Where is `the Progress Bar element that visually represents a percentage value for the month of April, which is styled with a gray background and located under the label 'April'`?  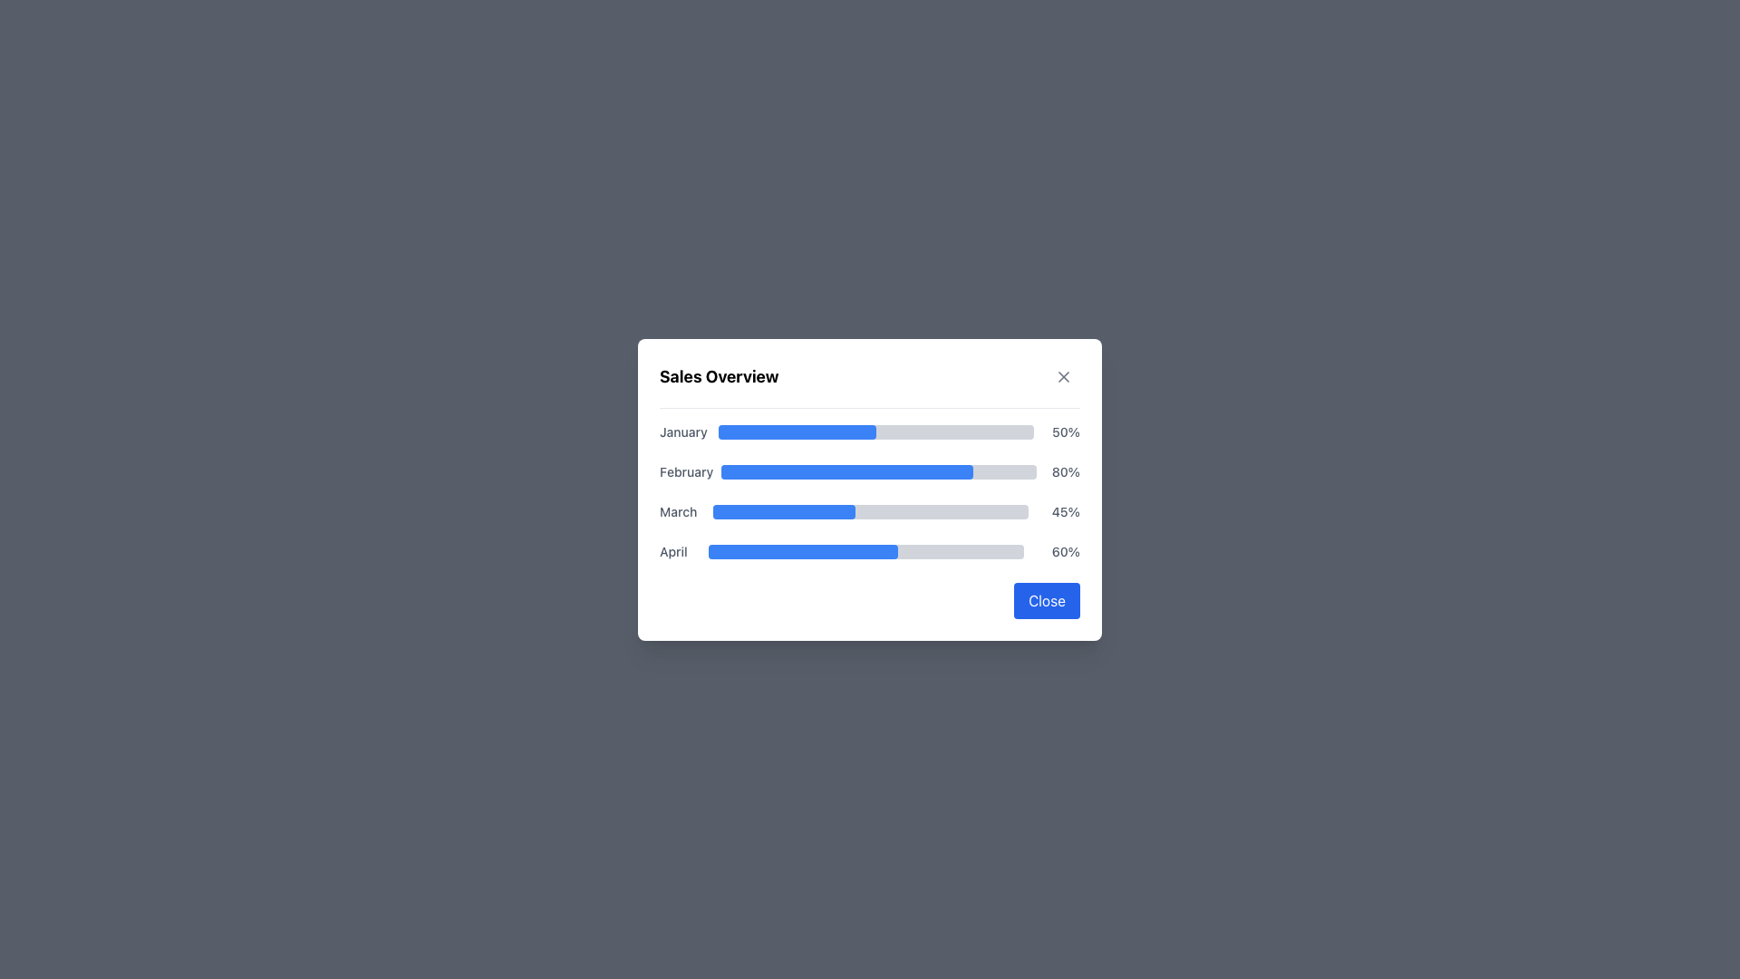 the Progress Bar element that visually represents a percentage value for the month of April, which is styled with a gray background and located under the label 'April' is located at coordinates (802, 550).